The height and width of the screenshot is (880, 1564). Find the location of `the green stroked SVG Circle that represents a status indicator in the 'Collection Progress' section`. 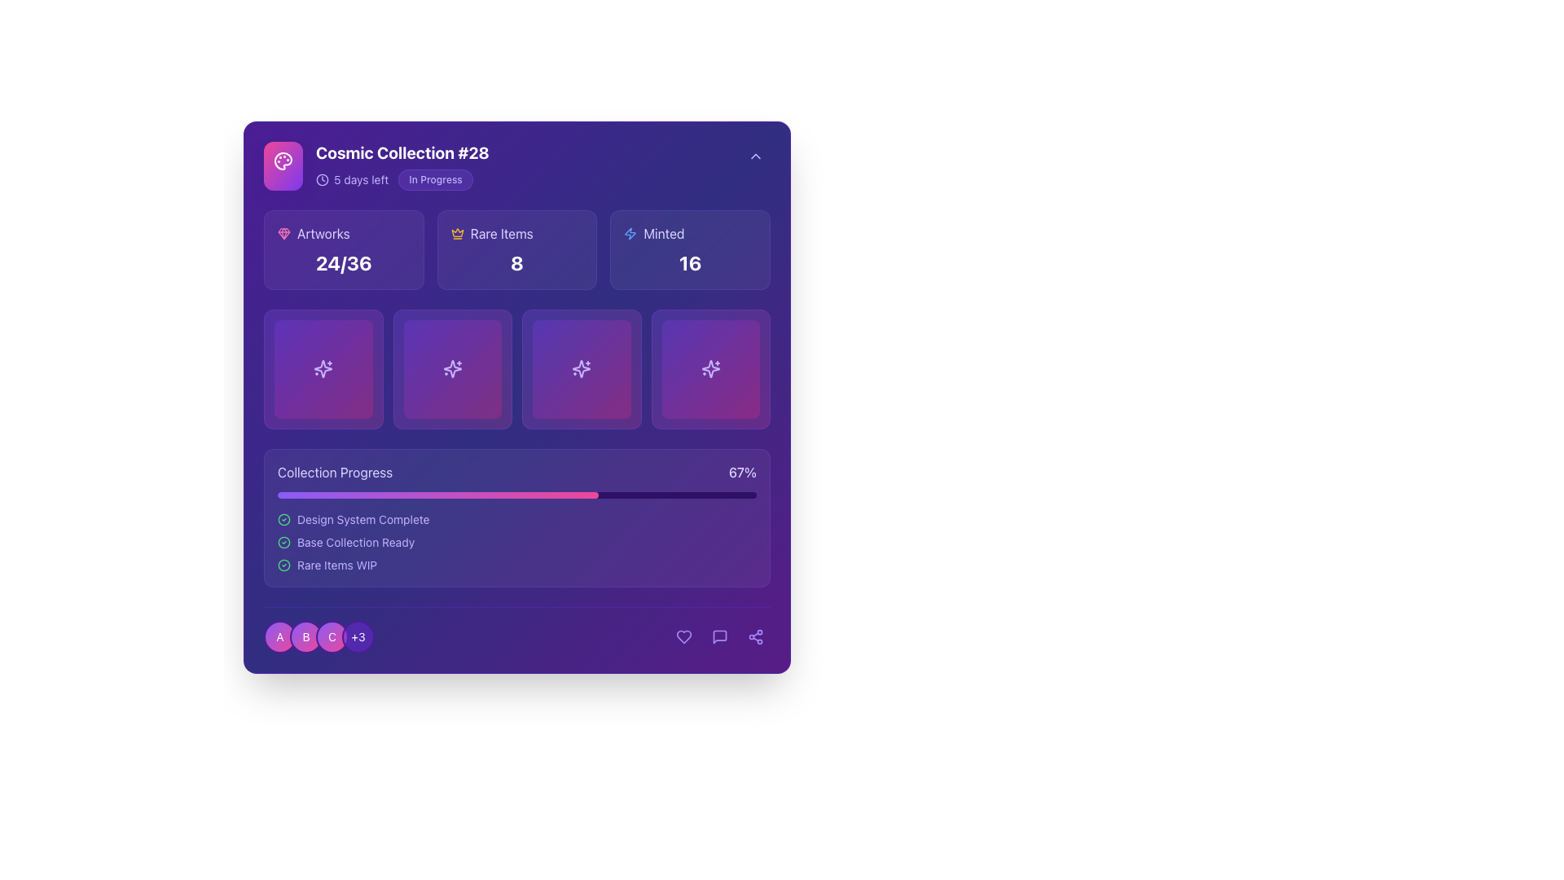

the green stroked SVG Circle that represents a status indicator in the 'Collection Progress' section is located at coordinates (284, 542).